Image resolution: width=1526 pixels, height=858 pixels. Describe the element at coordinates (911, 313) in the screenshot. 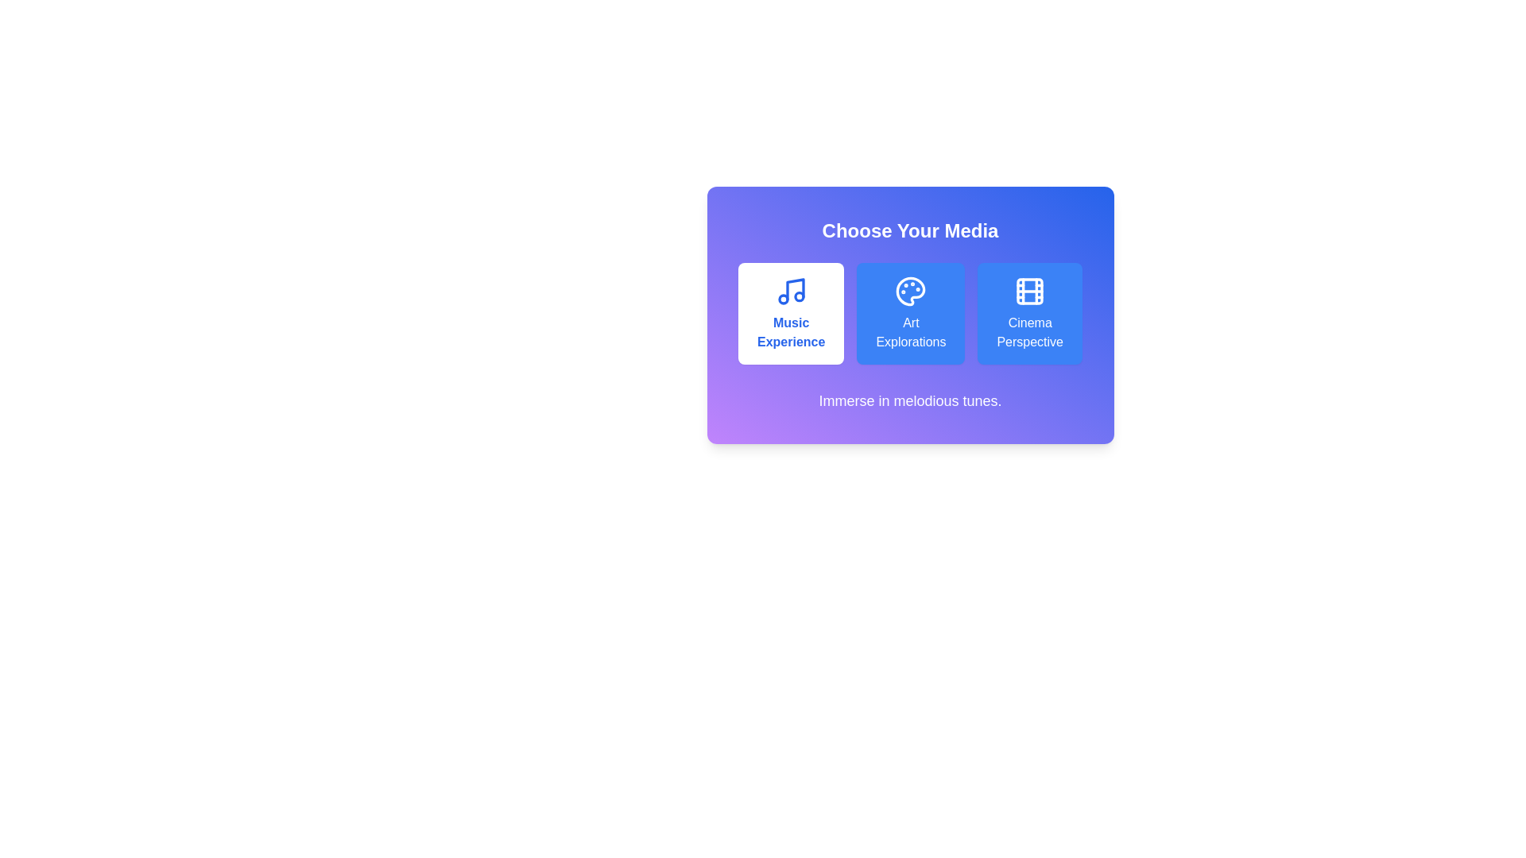

I see `the media option Art Explorations by clicking its corresponding button` at that location.